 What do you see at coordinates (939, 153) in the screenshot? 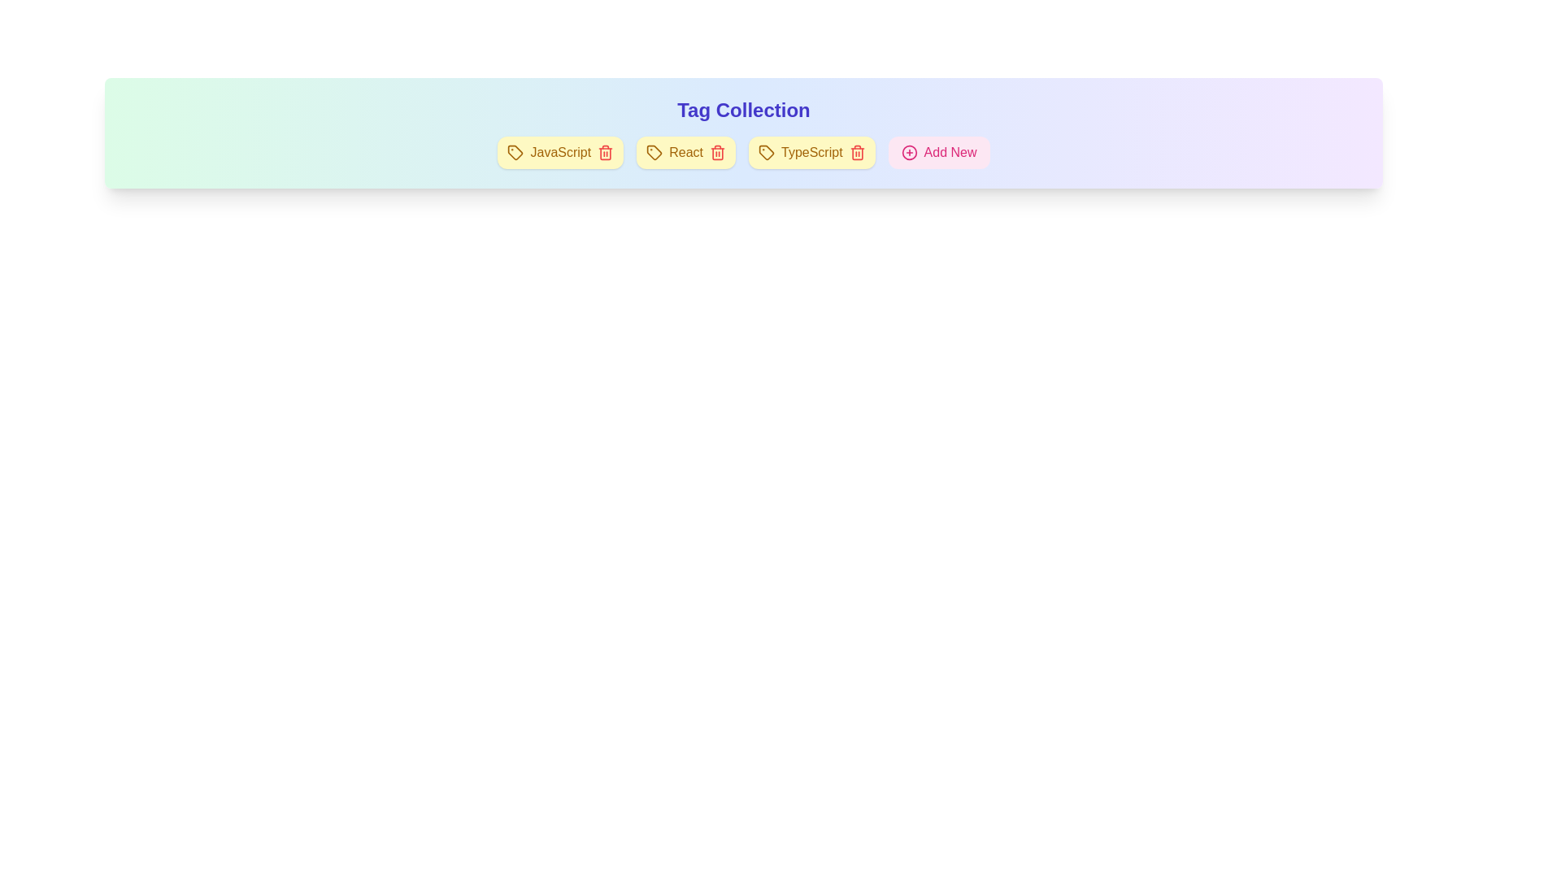
I see `the 'Add New' button, which has a pink background and is located to the right of the 'TypeScript' tag in the Tag Collection section` at bounding box center [939, 153].